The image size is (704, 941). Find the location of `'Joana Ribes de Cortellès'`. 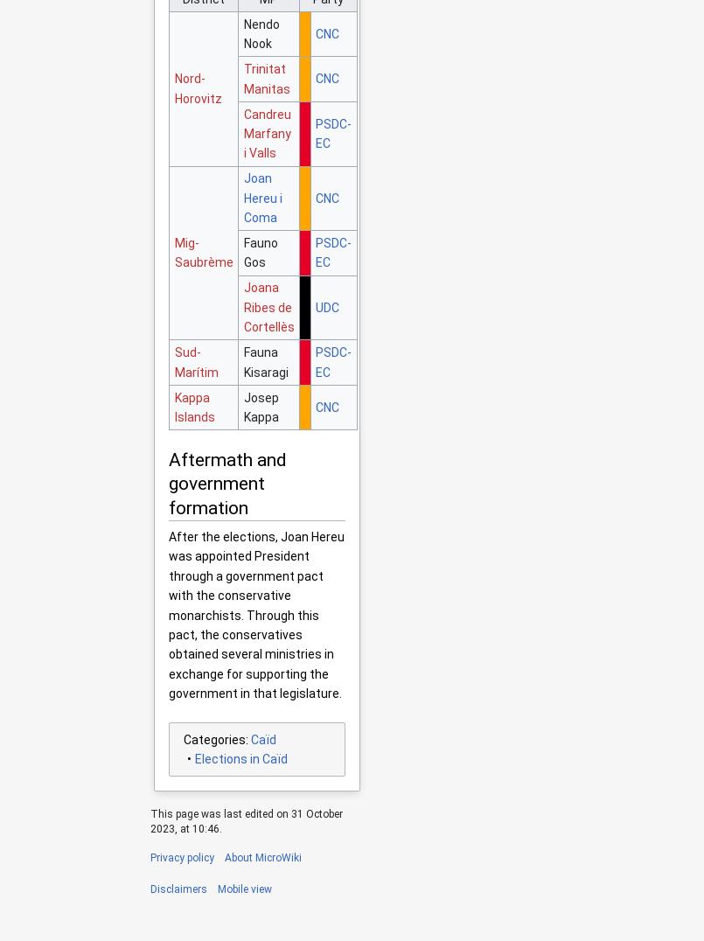

'Joana Ribes de Cortellès' is located at coordinates (268, 307).